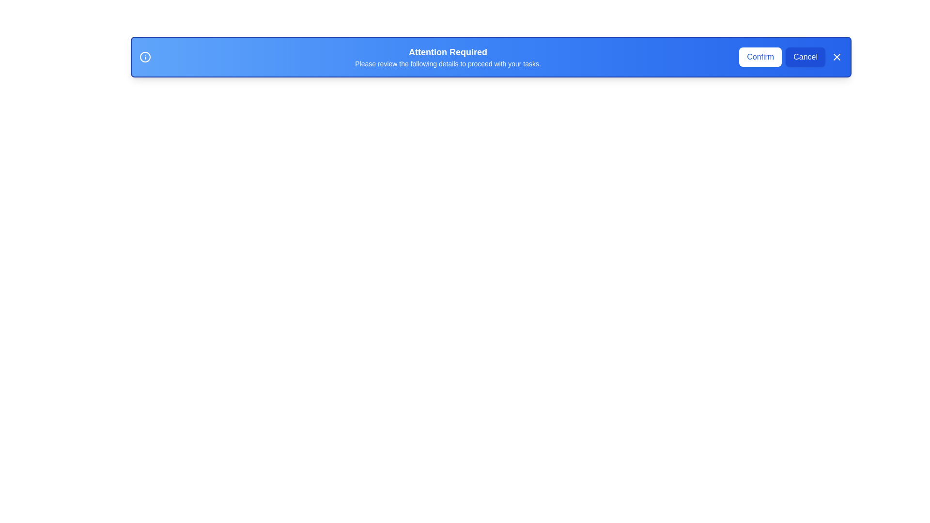 The image size is (930, 523). I want to click on the informational icon in the notification bar, so click(144, 57).